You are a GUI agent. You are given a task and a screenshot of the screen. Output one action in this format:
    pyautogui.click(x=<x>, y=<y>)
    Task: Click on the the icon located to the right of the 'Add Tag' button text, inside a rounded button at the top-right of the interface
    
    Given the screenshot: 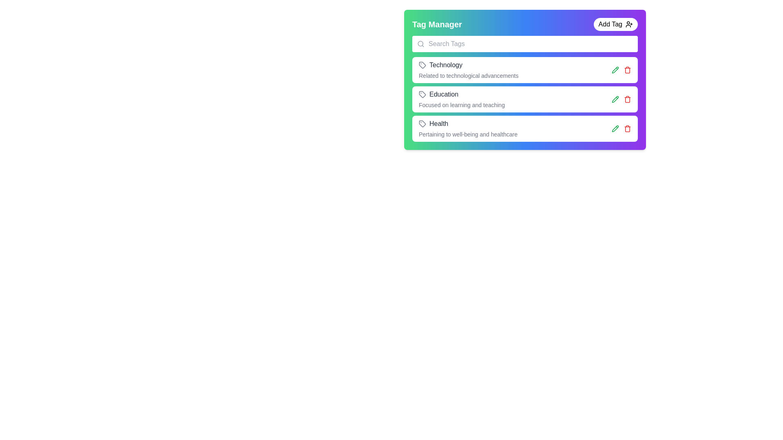 What is the action you would take?
    pyautogui.click(x=628, y=24)
    